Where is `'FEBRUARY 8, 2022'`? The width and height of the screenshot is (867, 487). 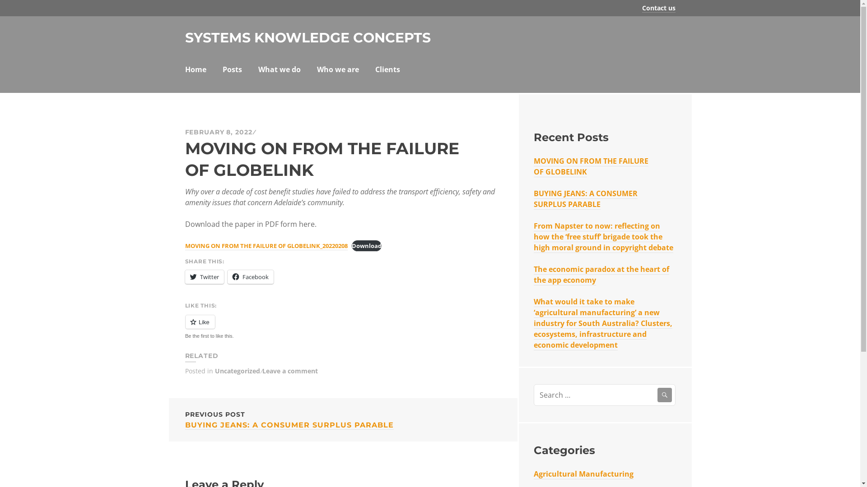
'FEBRUARY 8, 2022' is located at coordinates (219, 132).